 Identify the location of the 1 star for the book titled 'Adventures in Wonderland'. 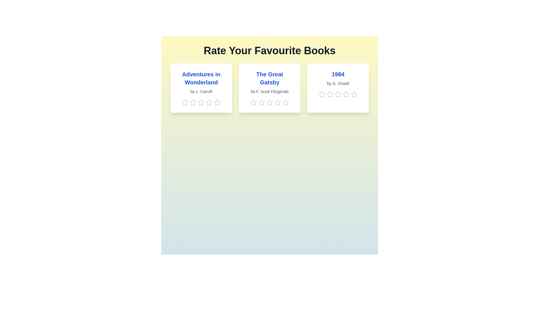
(185, 102).